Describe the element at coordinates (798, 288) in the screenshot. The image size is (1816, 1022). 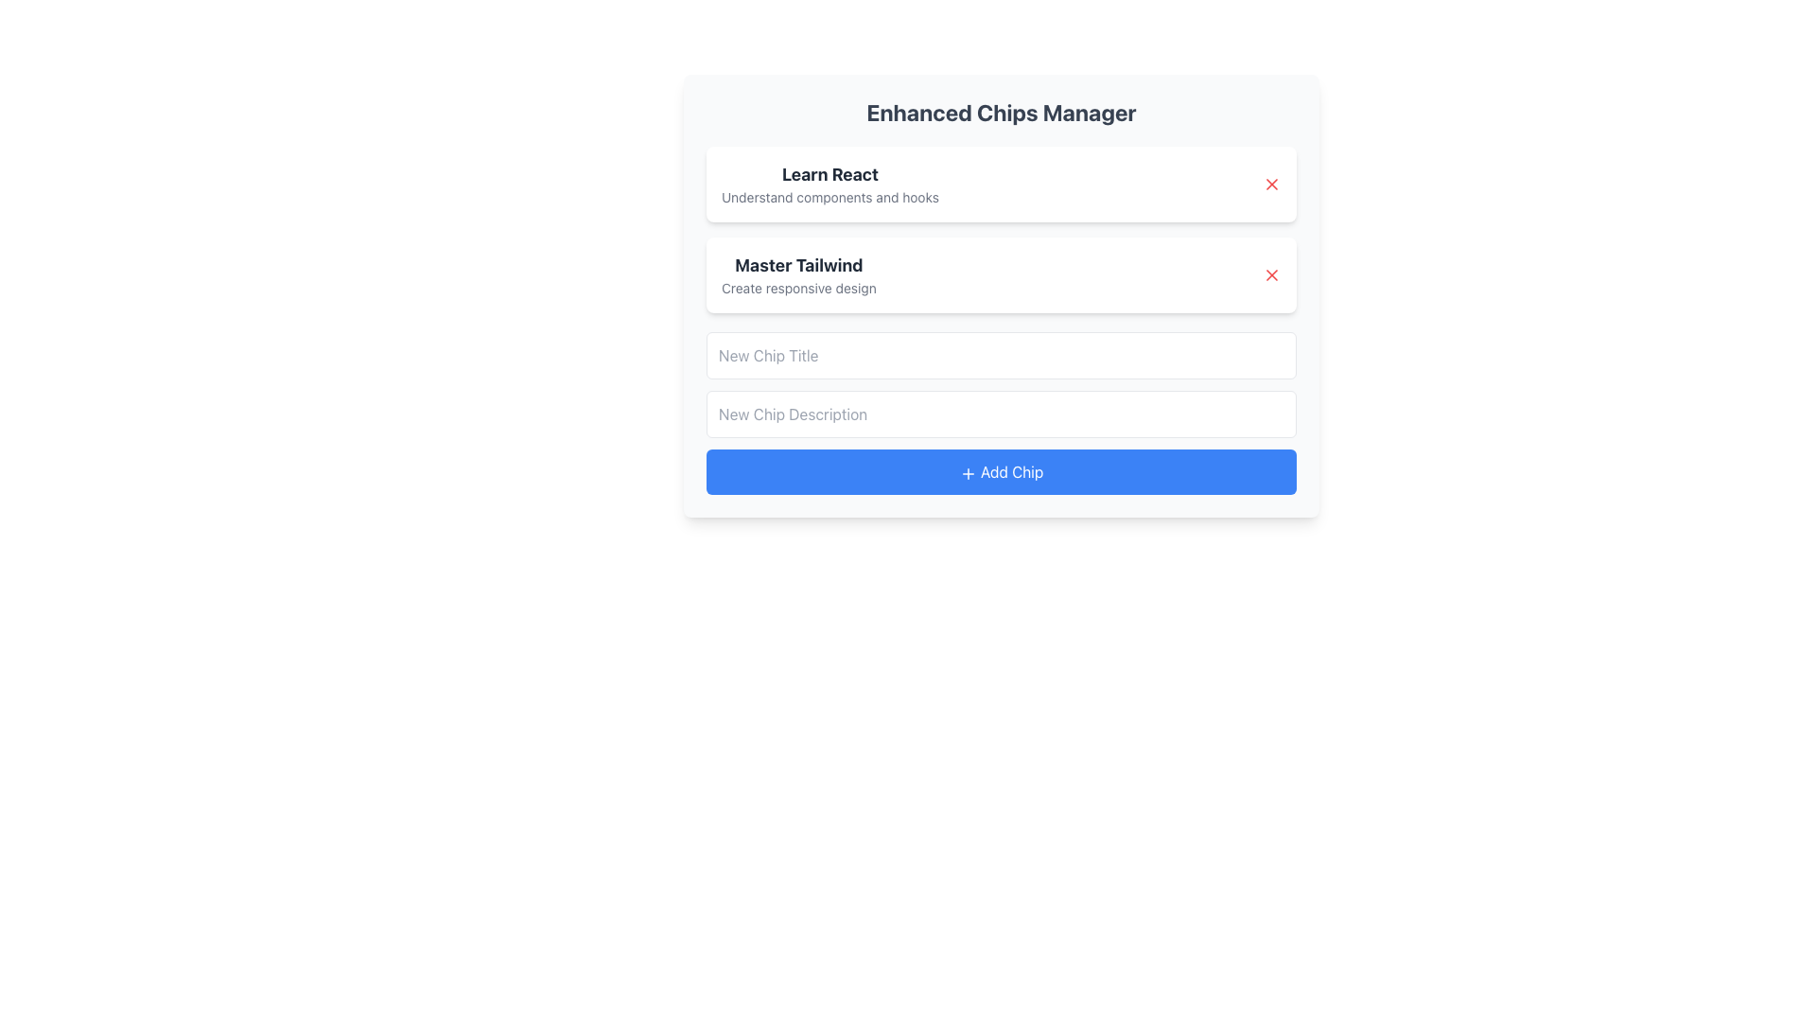
I see `the text label reading 'Create responsive design', which is styled in a smaller gray font and located directly beneath the heading 'Master Tailwind'` at that location.